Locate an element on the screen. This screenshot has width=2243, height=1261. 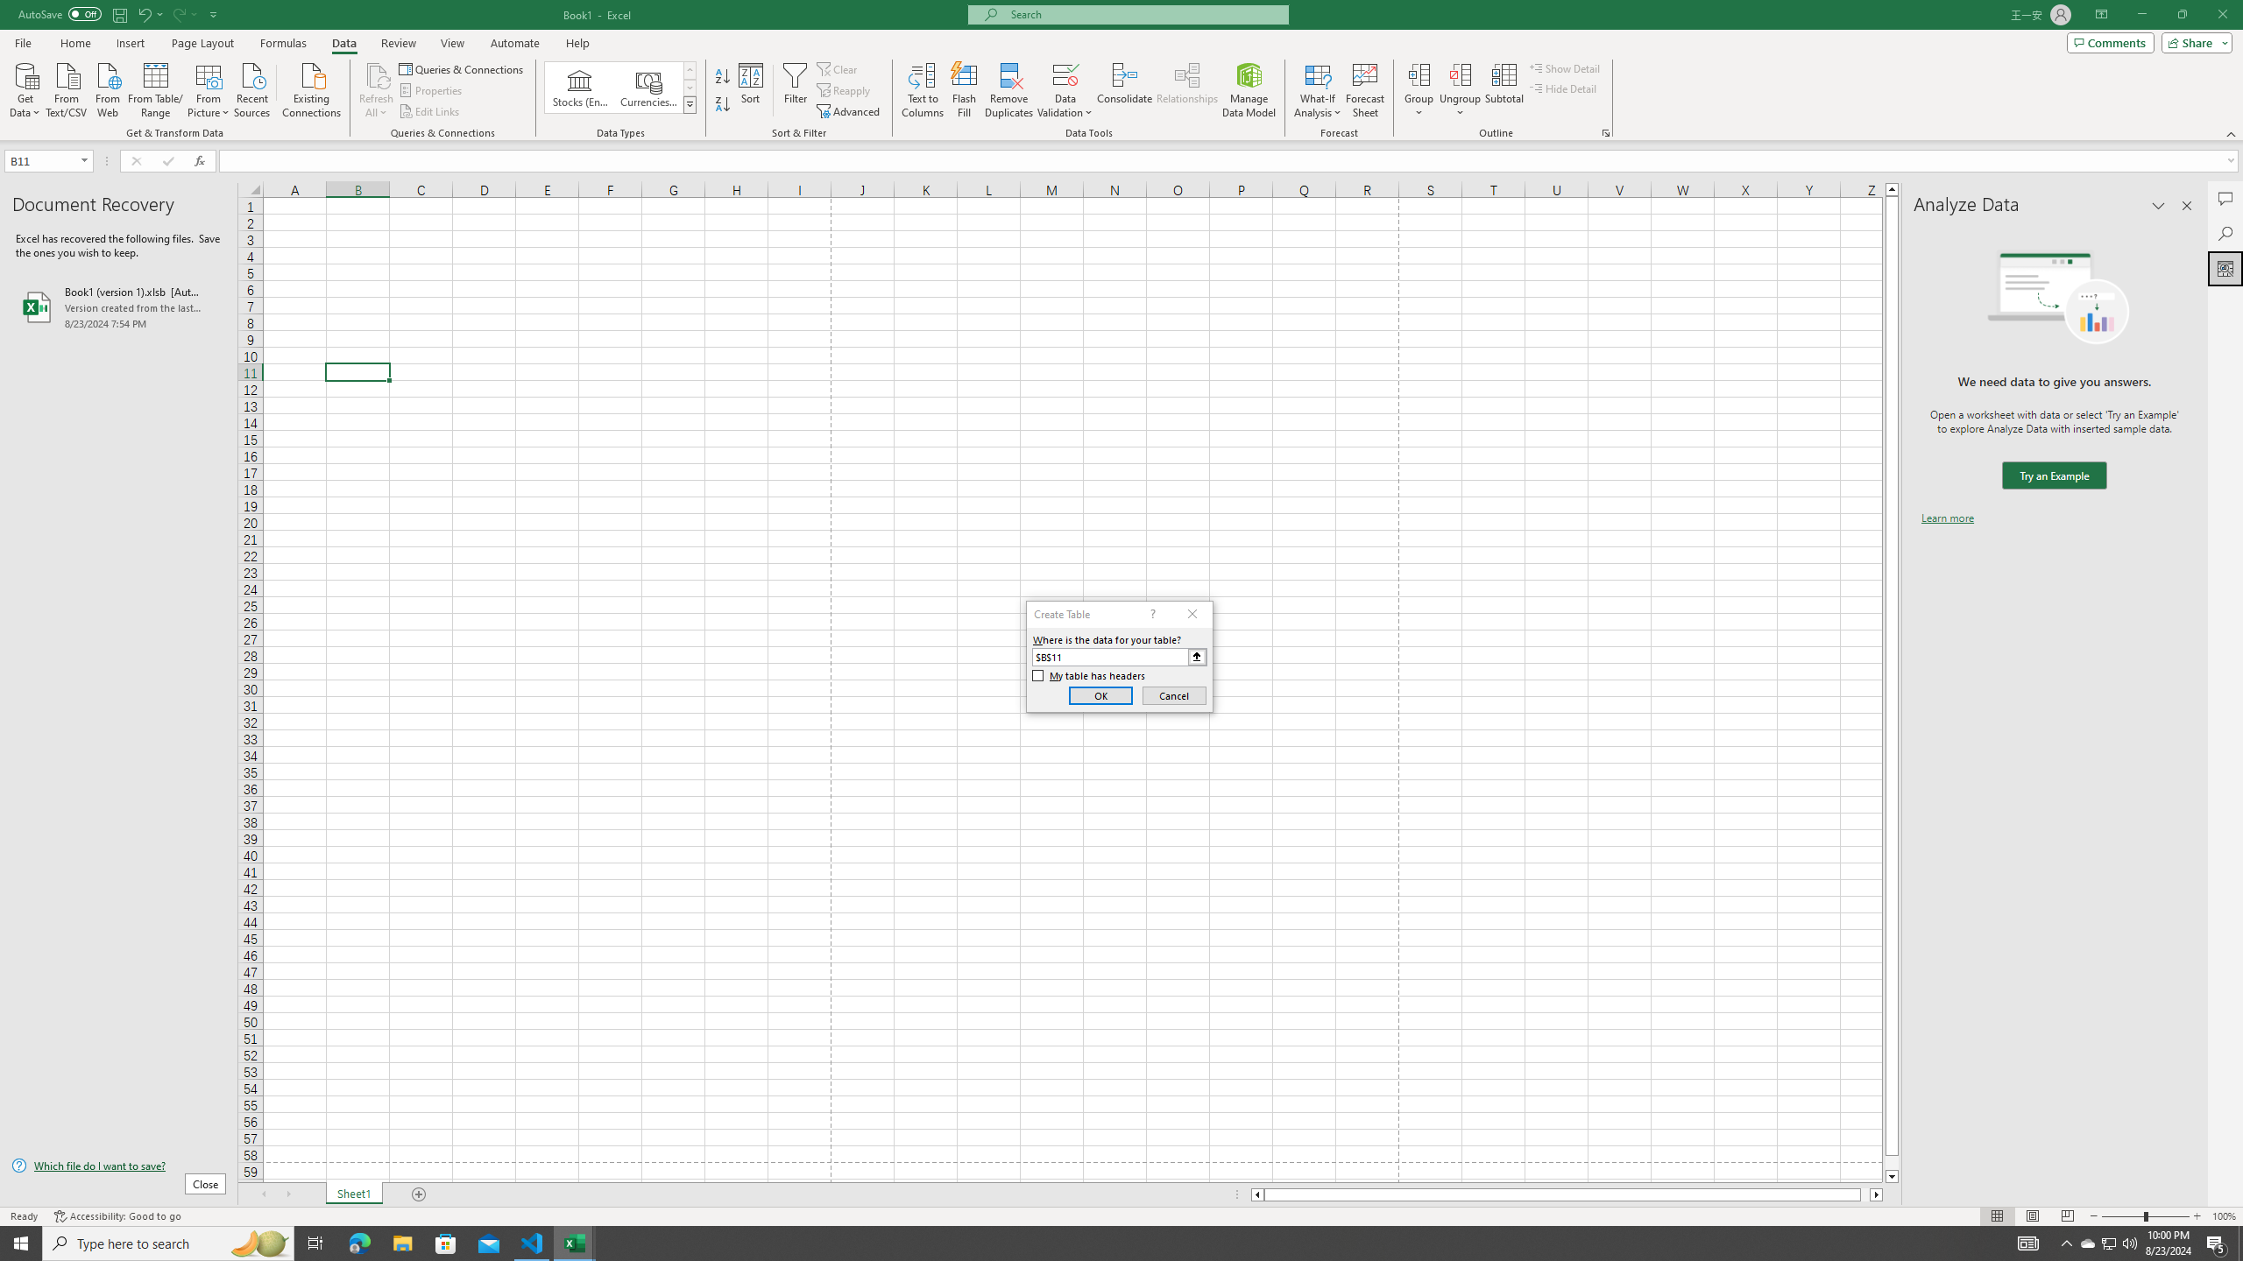
'Reapply' is located at coordinates (846, 90).